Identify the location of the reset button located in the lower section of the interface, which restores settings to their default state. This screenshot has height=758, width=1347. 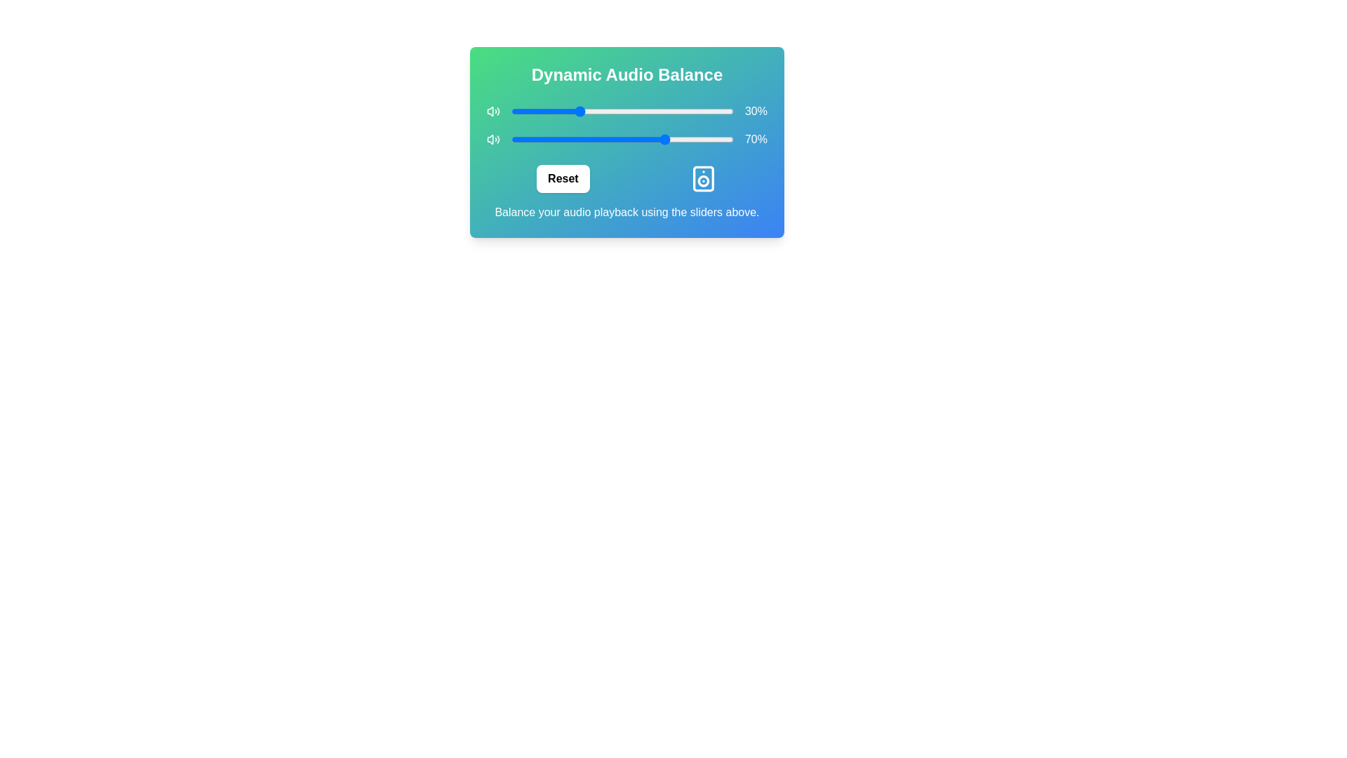
(563, 178).